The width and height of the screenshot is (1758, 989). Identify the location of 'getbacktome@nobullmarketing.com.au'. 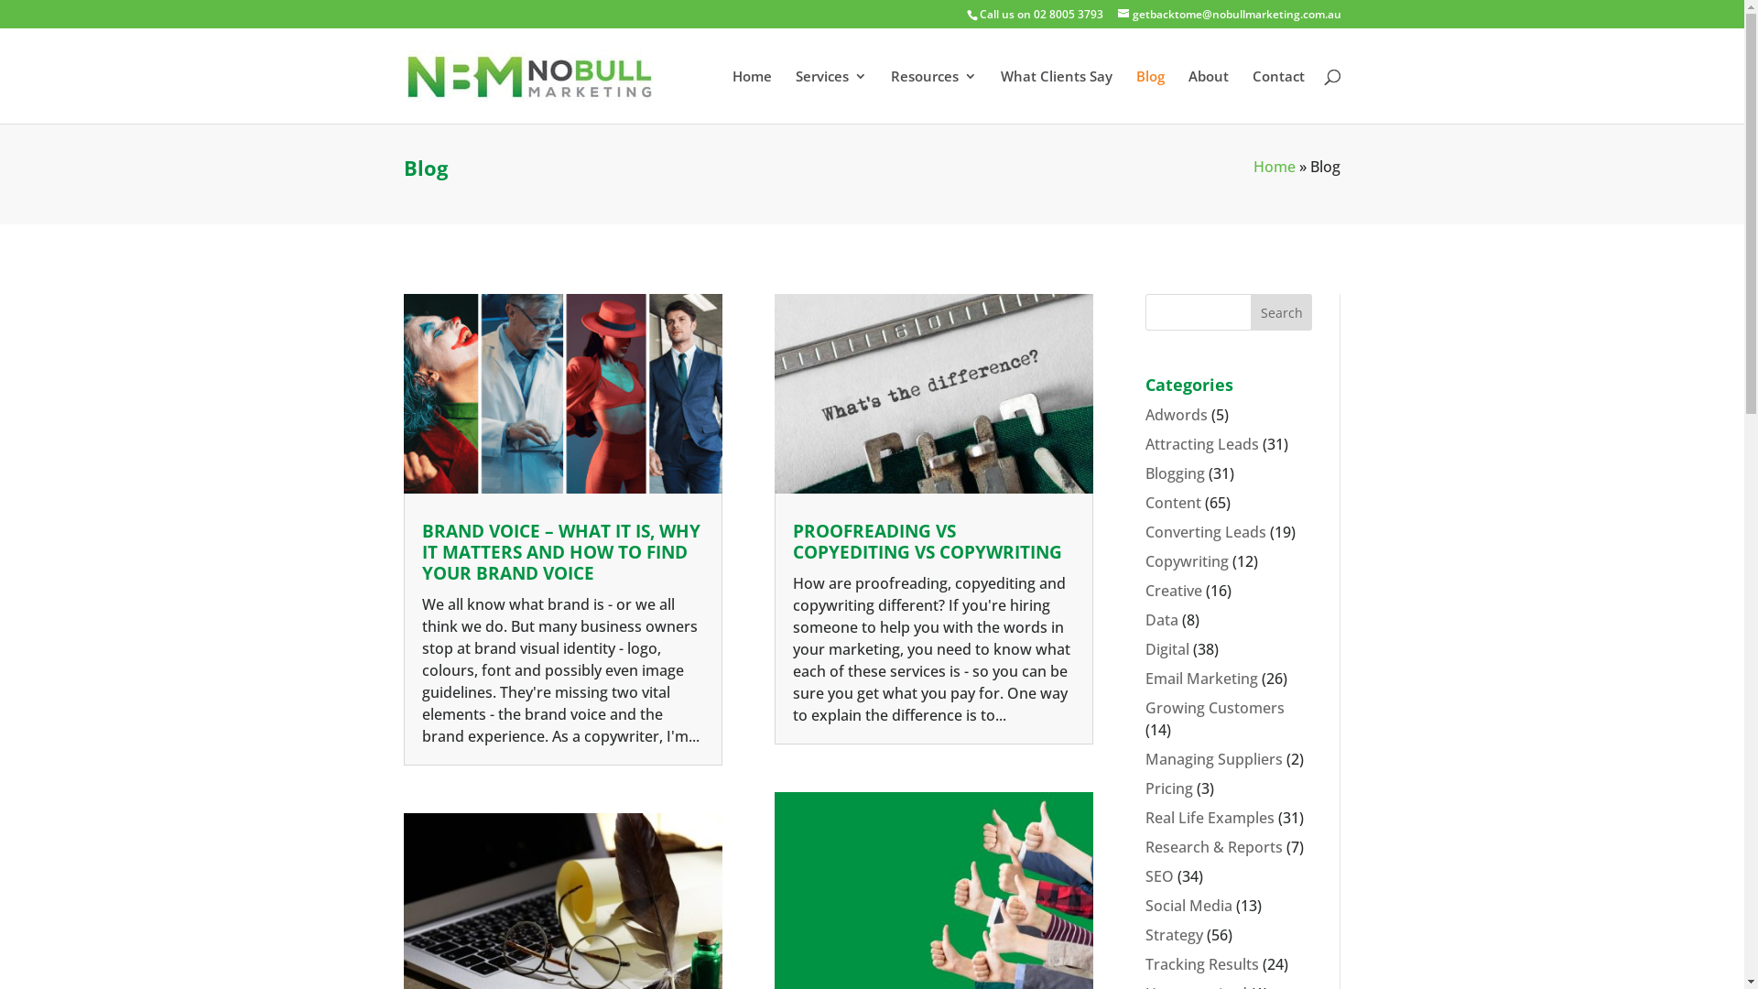
(1229, 14).